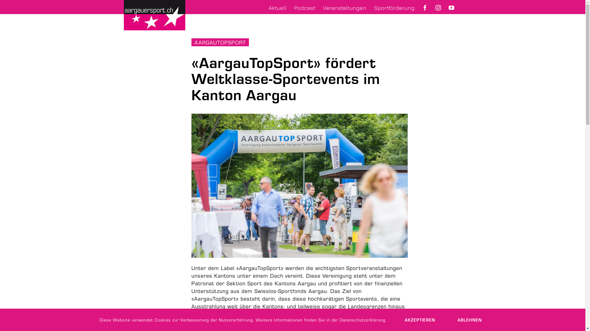 This screenshot has width=590, height=331. Describe the element at coordinates (277, 8) in the screenshot. I see `'Aktuell'` at that location.